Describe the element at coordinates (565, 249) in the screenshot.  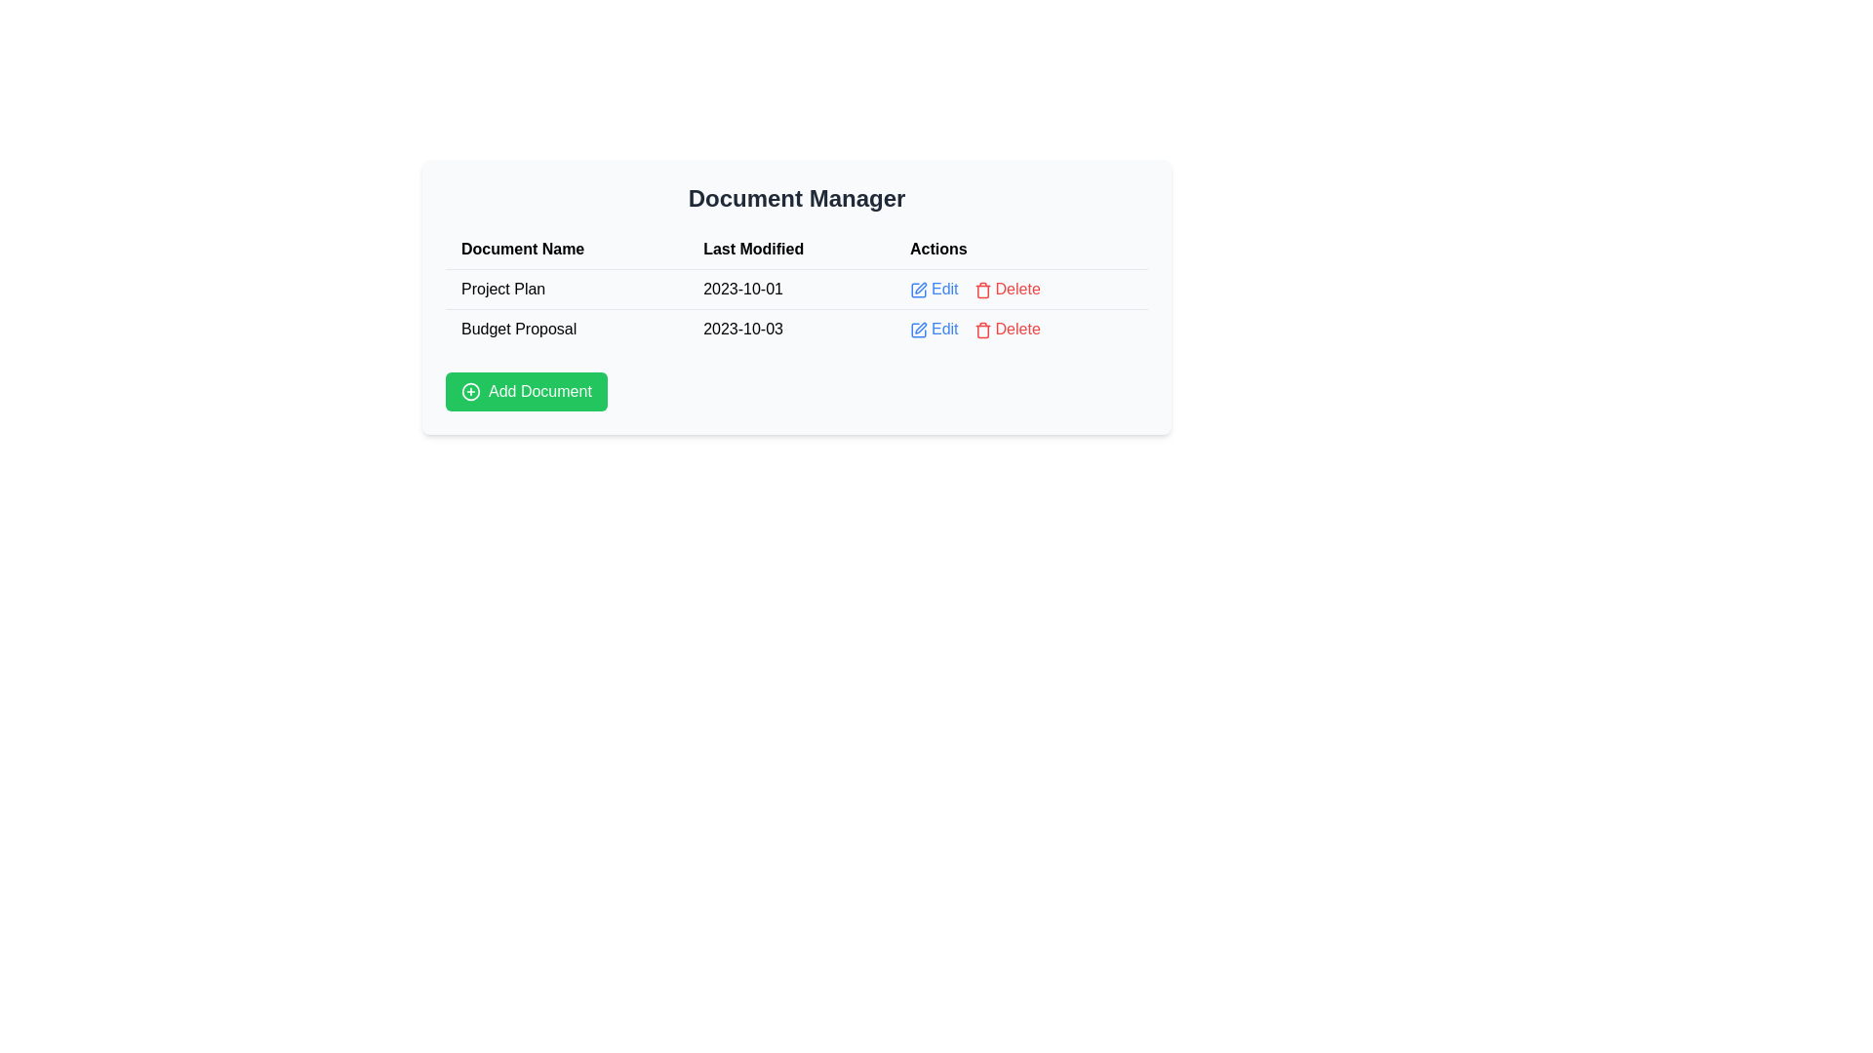
I see `the header text label for the column in the tabular interface that details document-related information, positioned to the left of 'Last Modified' and 'Actions', directly under 'Document Manager'` at that location.